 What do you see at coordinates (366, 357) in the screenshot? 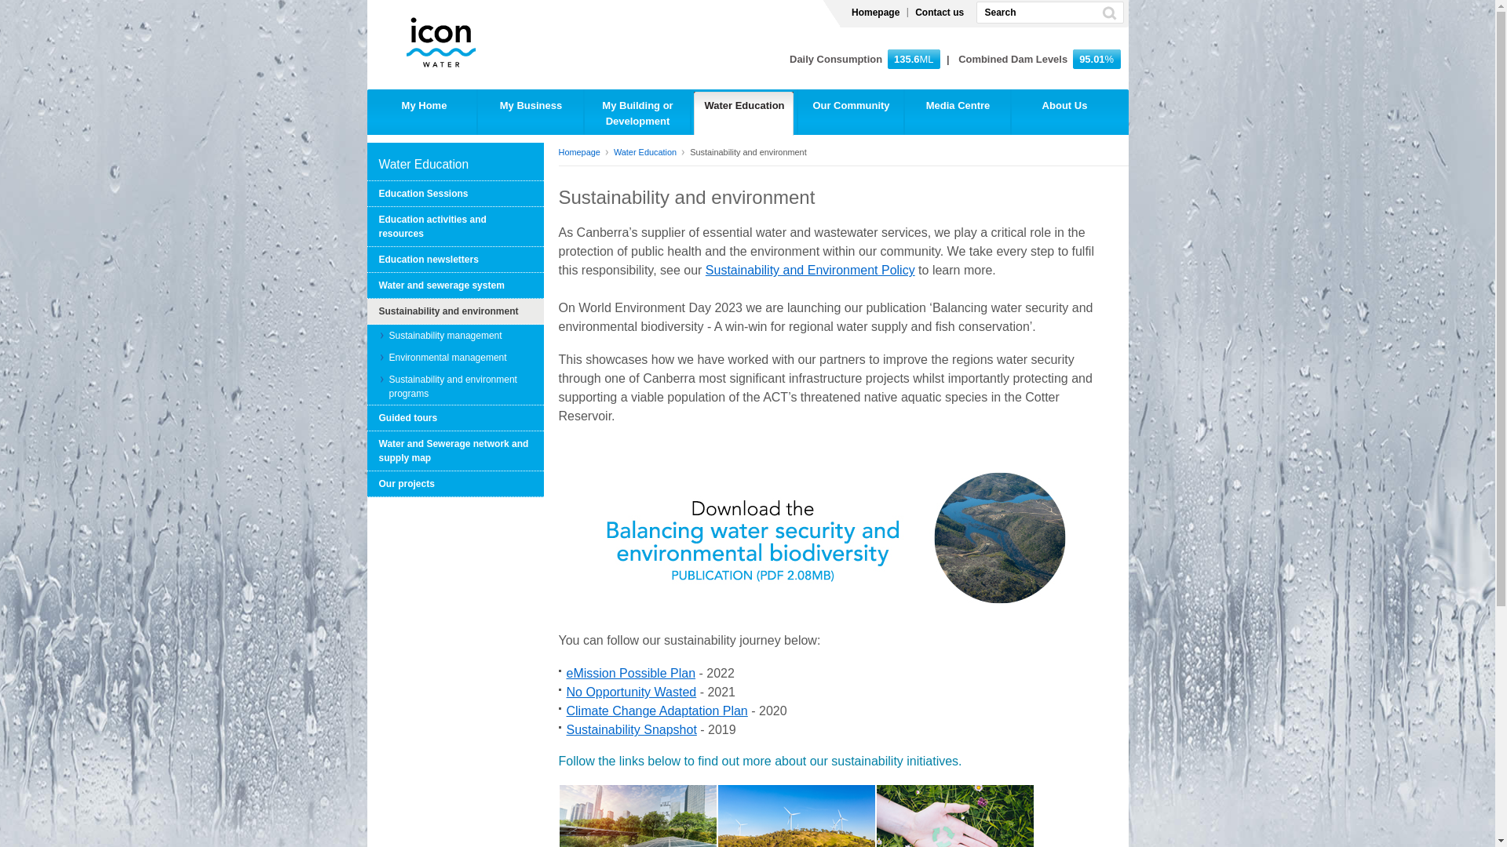
I see `'Environmental management'` at bounding box center [366, 357].